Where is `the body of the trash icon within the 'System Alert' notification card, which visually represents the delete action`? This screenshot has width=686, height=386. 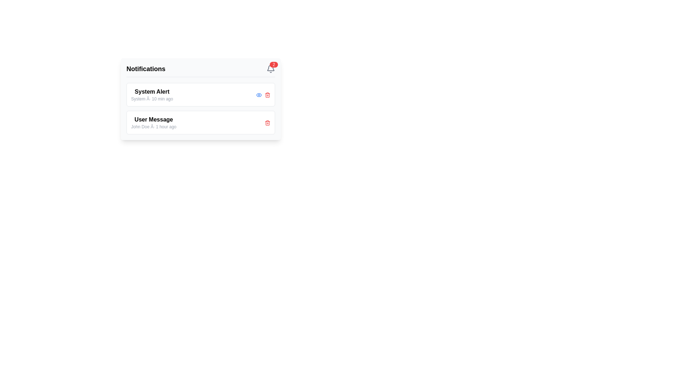 the body of the trash icon within the 'System Alert' notification card, which visually represents the delete action is located at coordinates (267, 95).